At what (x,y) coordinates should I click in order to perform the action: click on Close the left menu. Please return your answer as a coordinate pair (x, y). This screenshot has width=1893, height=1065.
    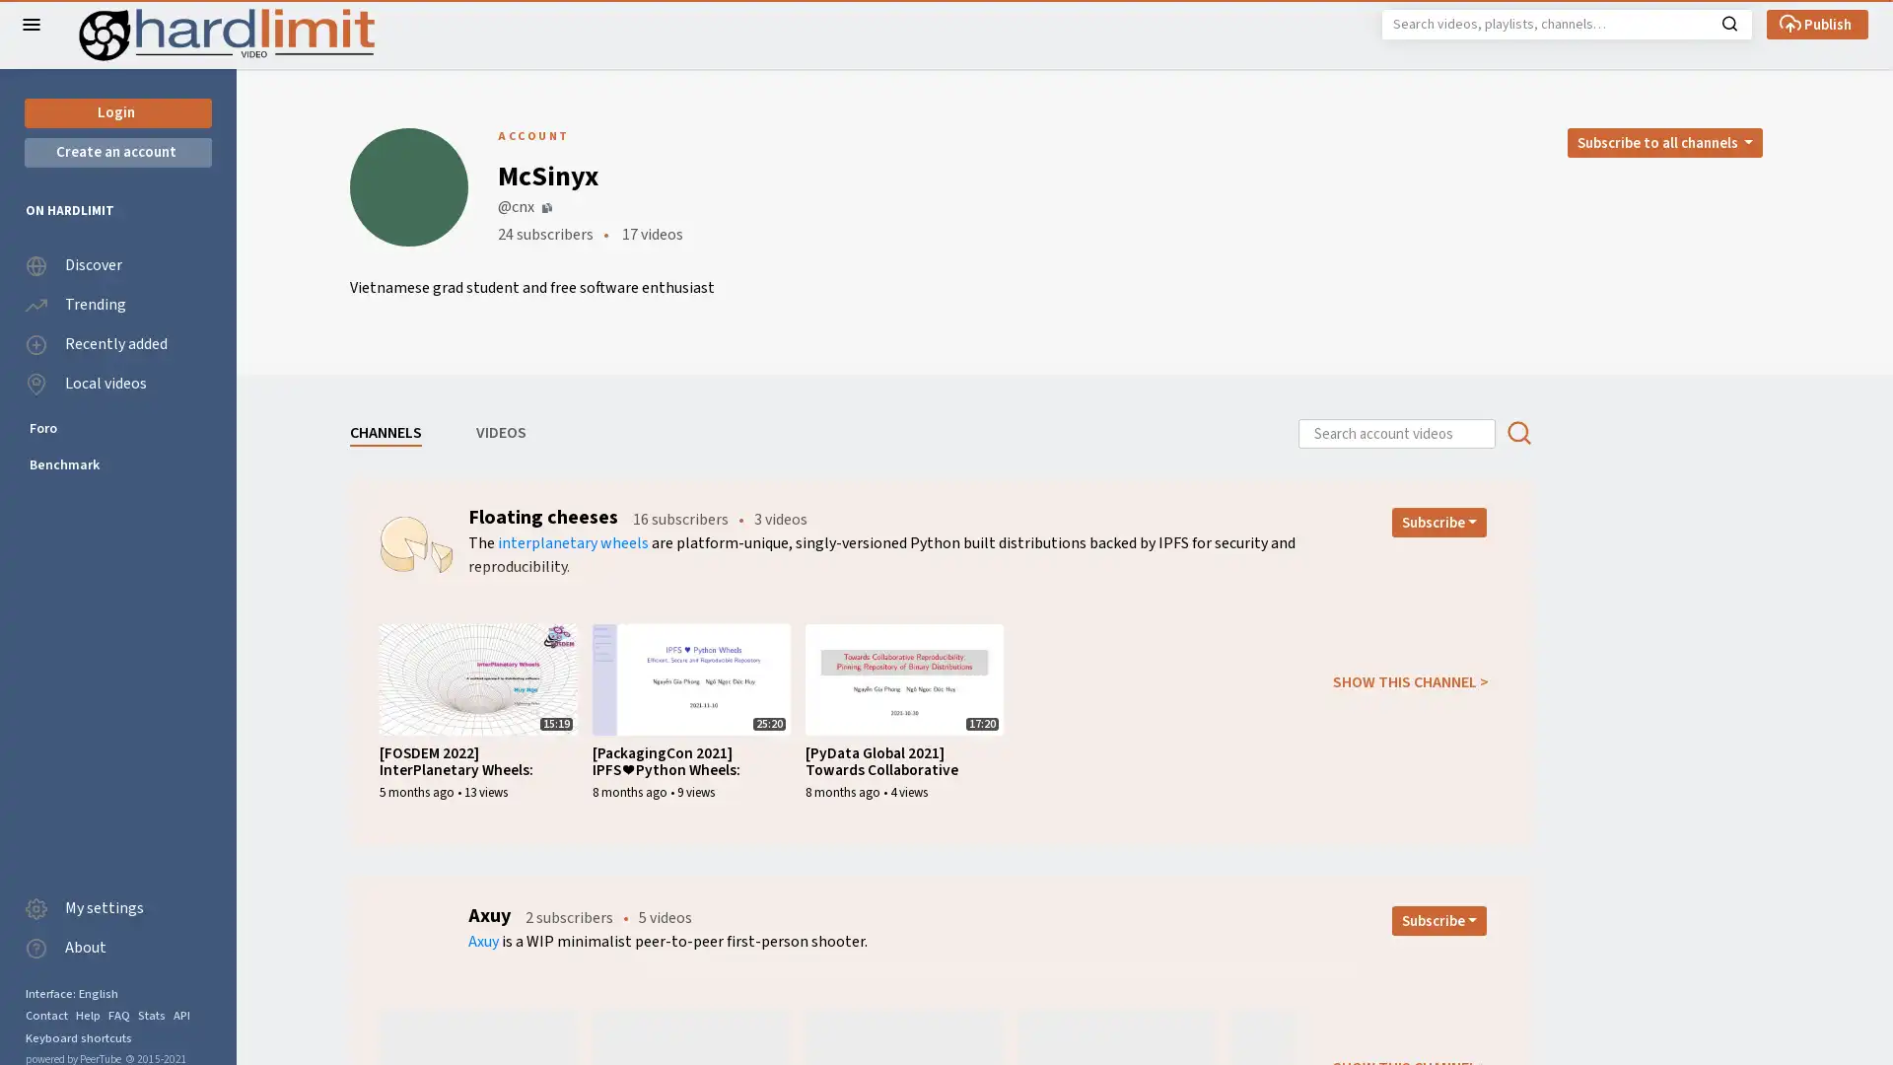
    Looking at the image, I should click on (32, 24).